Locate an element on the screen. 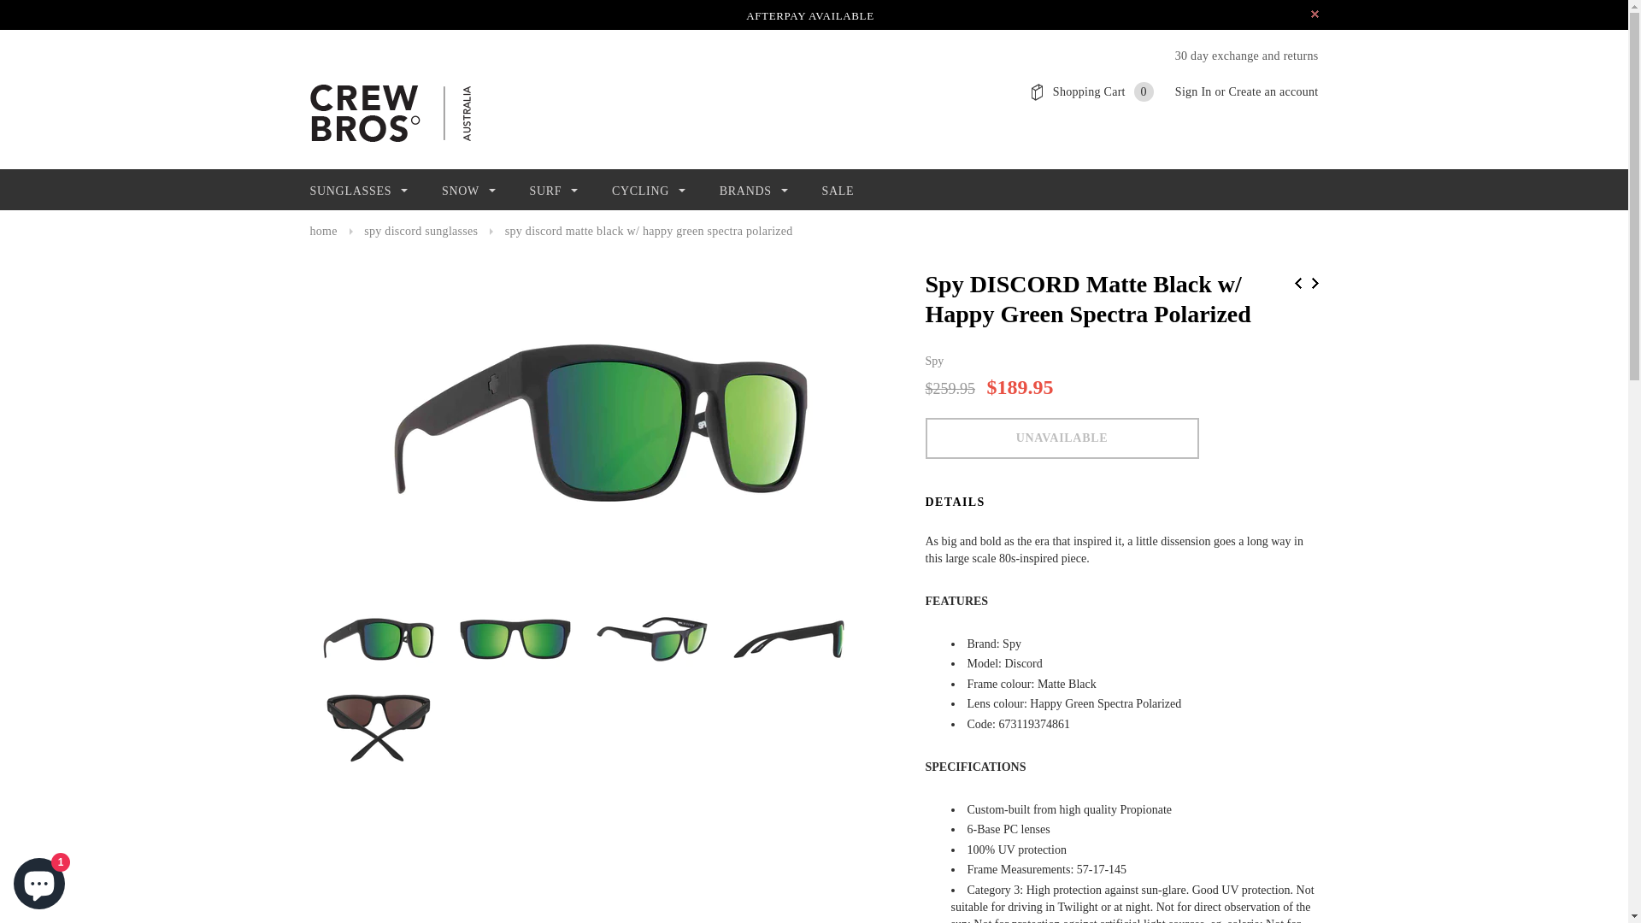 The height and width of the screenshot is (923, 1641). 'spy discord sunglasses' is located at coordinates (421, 231).